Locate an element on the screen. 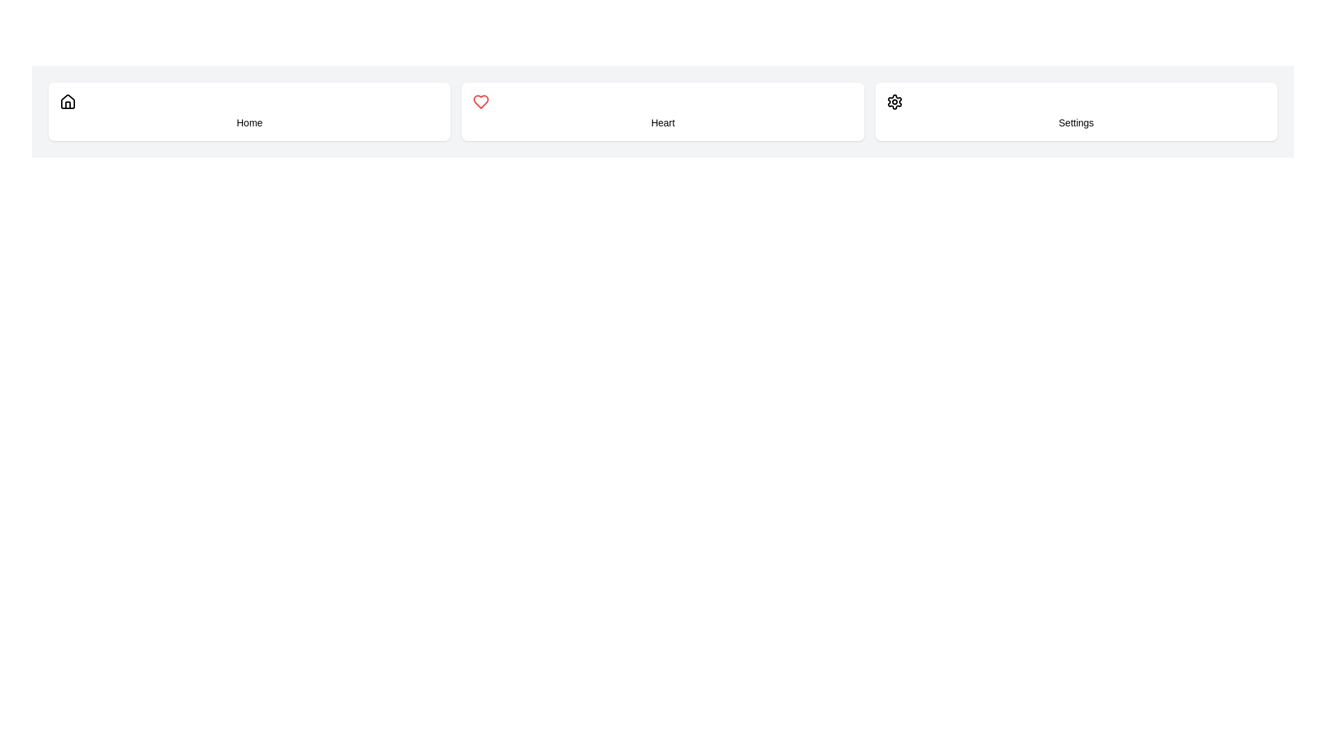  the settings icon located in the upper section of the interface, within the card labeled 'Settings', which is positioned to the right of the 'Heart' card and is visually centered above the text label 'Settings' is located at coordinates (894, 101).